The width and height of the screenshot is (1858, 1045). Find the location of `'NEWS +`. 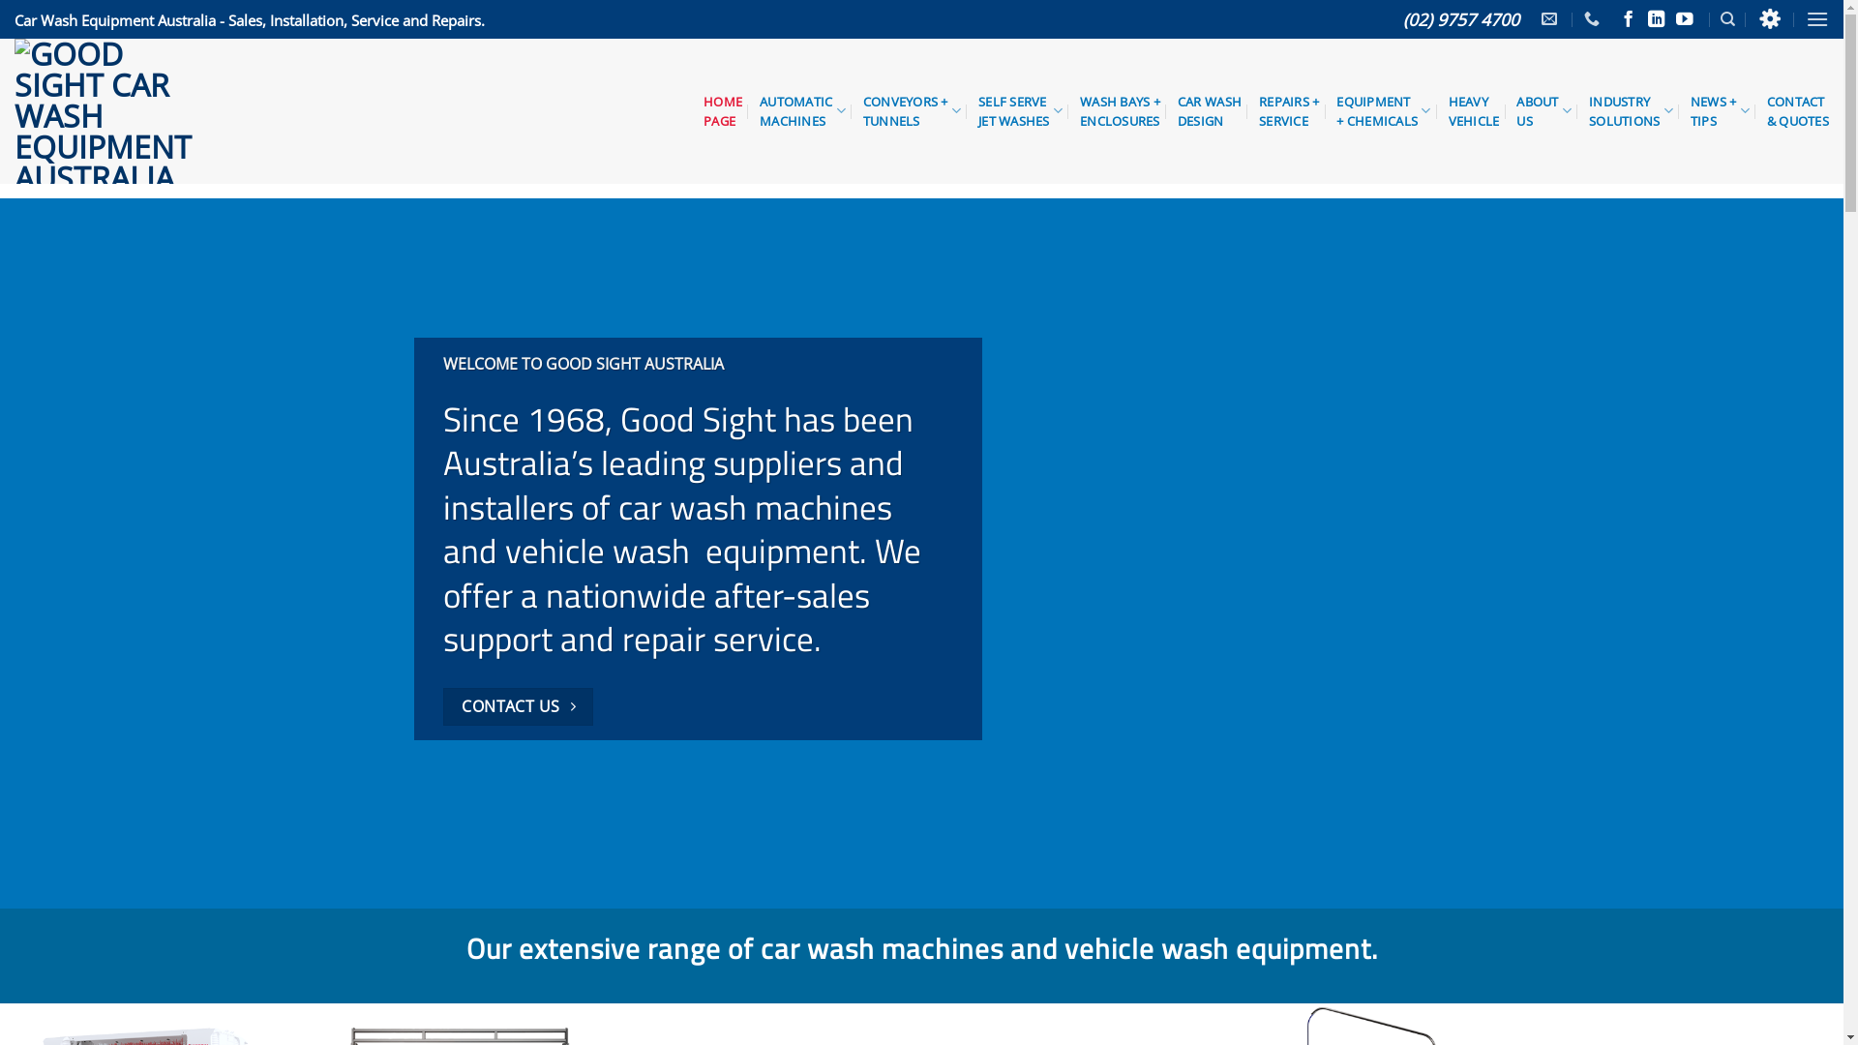

'NEWS + is located at coordinates (1720, 111).